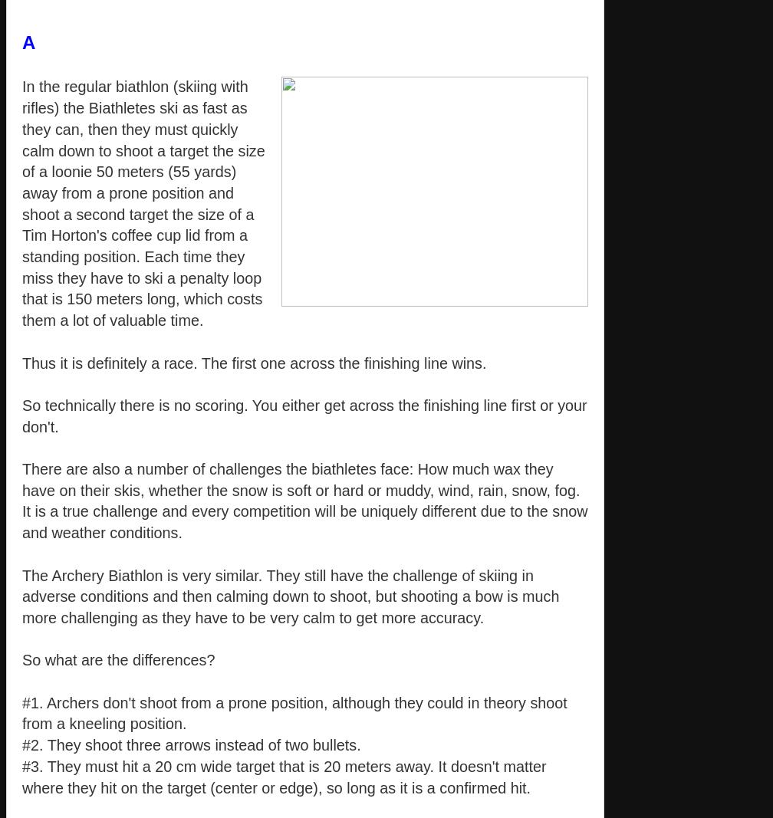 The height and width of the screenshot is (818, 773). What do you see at coordinates (294, 712) in the screenshot?
I see `'#1. Archers don't shoot from a prone position, although they could in theory shoot from a kneeling position.'` at bounding box center [294, 712].